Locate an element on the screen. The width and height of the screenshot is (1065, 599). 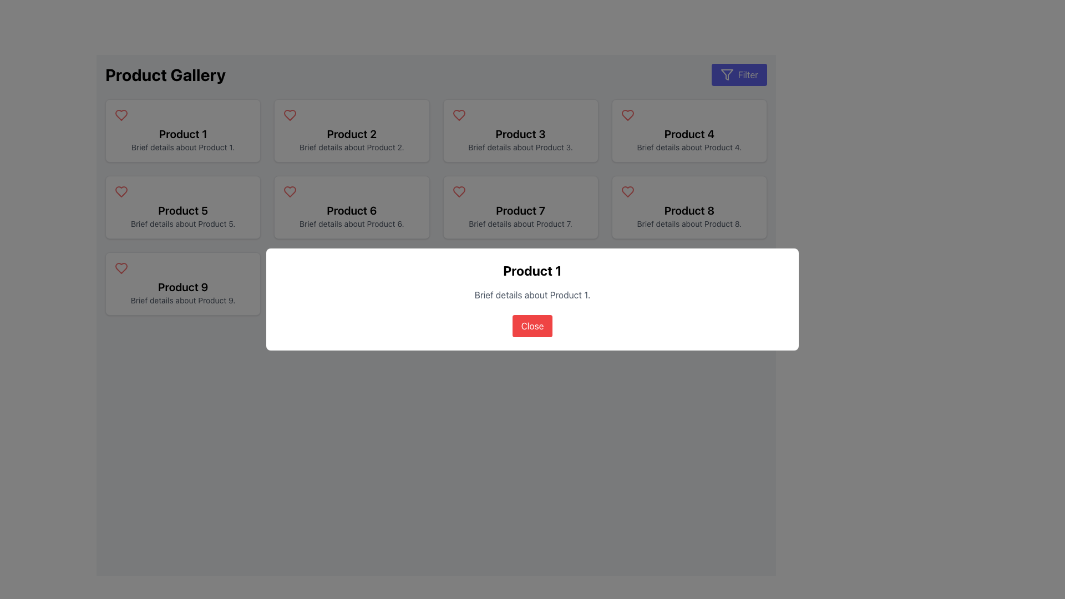
the product title text label located in the third column and second row of the grid layout is located at coordinates (688, 134).